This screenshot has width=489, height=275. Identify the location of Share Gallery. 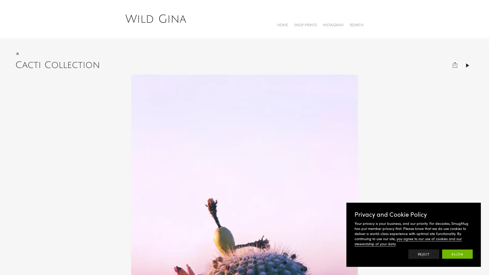
(455, 62).